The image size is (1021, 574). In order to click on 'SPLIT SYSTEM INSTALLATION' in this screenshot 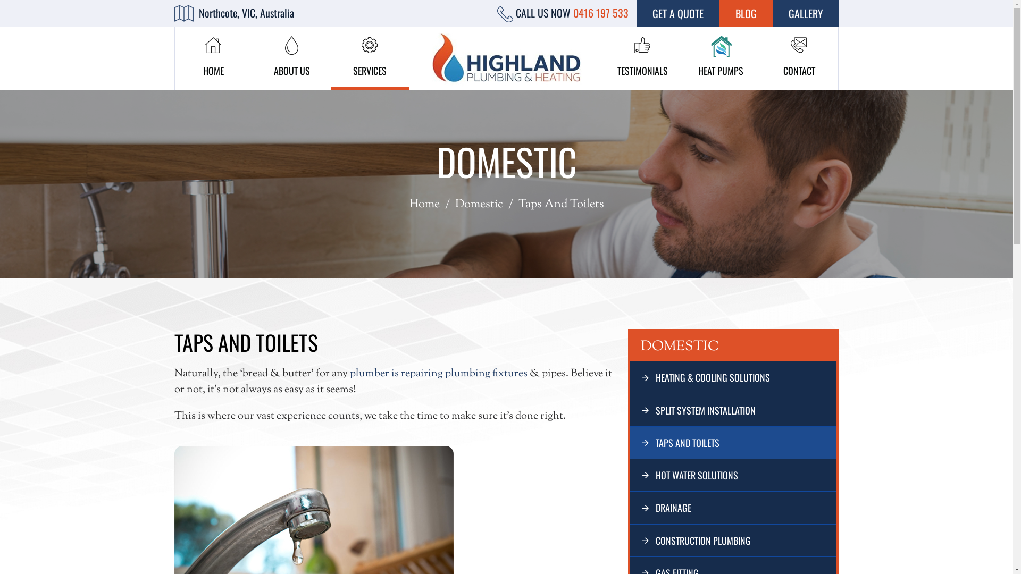, I will do `click(733, 409)`.